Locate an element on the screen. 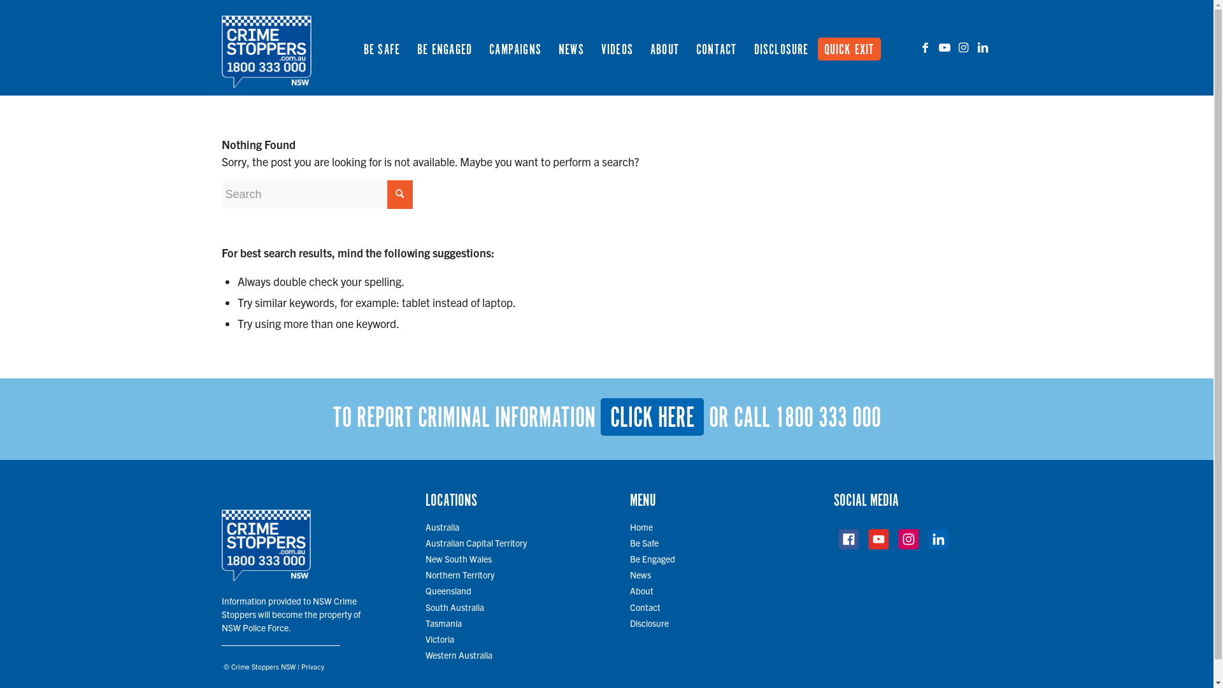  'Northern Territory' is located at coordinates (459, 575).